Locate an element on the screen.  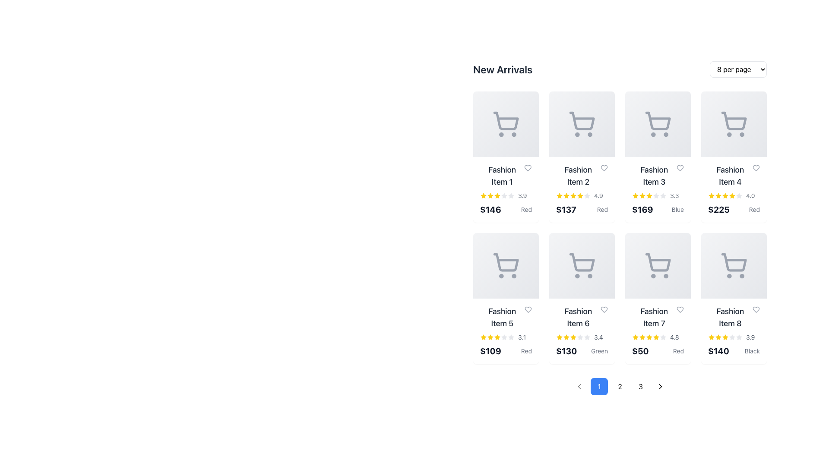
the star icon representing the selected rating value of '3.3' for 'Fashion Item 3' located in the rating section of the card is located at coordinates (636, 196).